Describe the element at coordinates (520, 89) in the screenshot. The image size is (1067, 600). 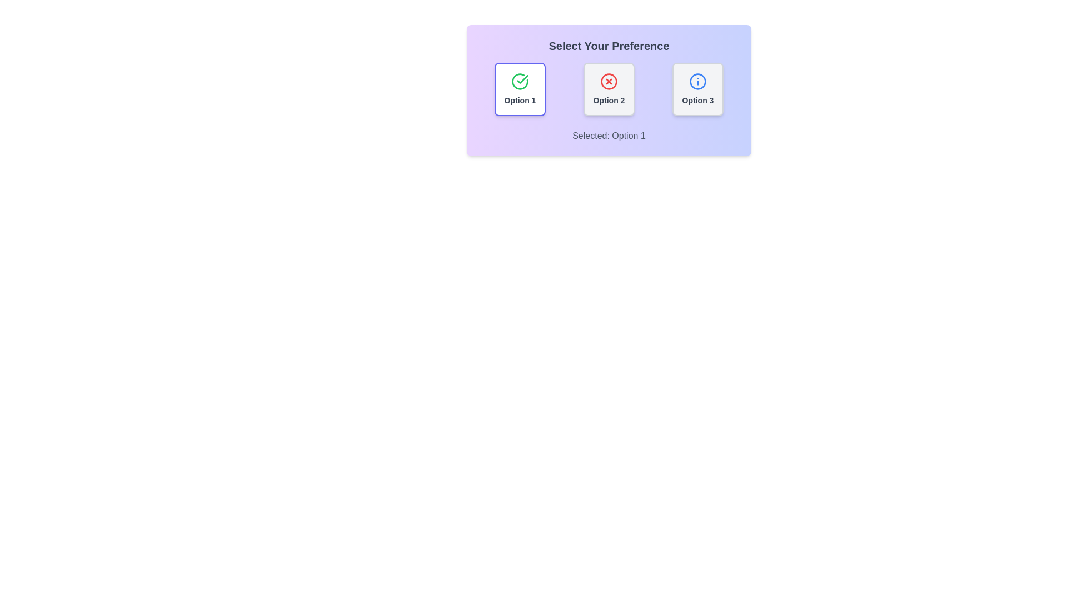
I see `the button corresponding to Option 1 to observe the hover effect` at that location.